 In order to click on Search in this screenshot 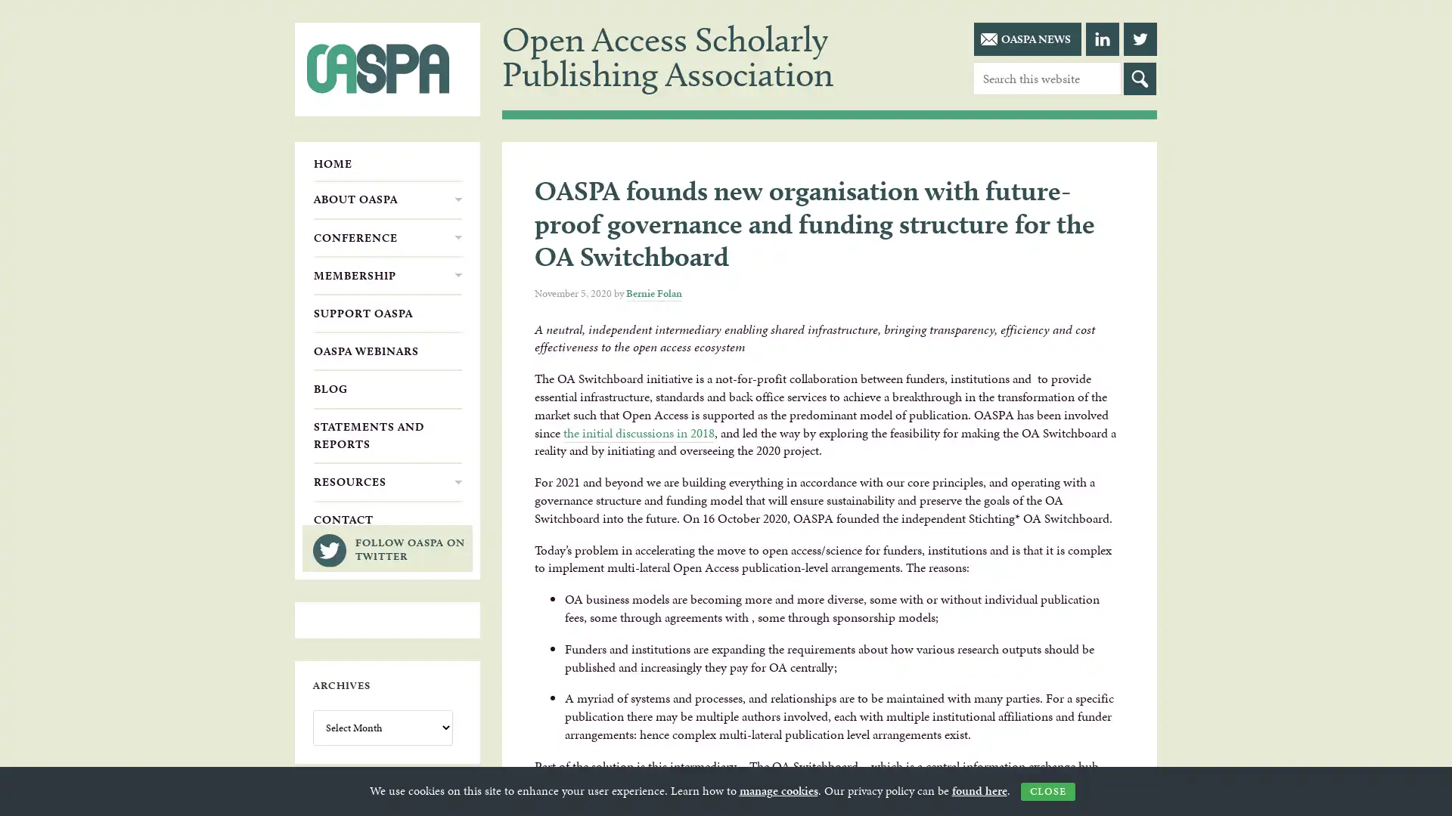, I will do `click(1140, 79)`.